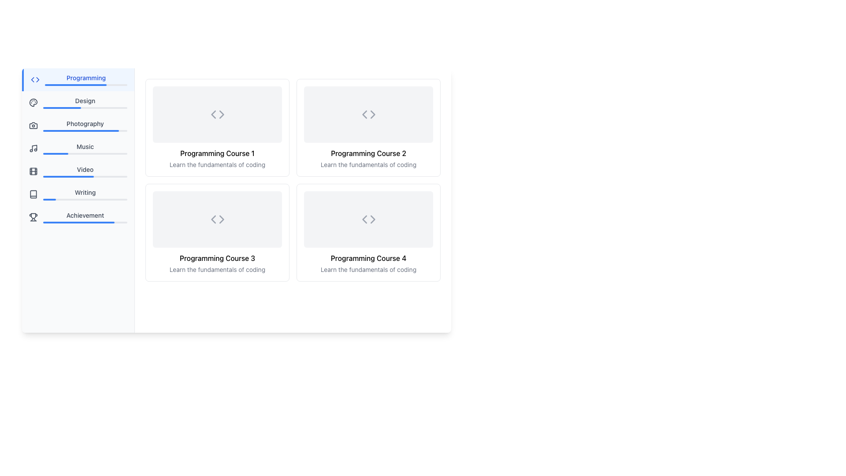 The width and height of the screenshot is (846, 476). I want to click on the 'Achievement' navigation item with a progress indicator, so click(85, 217).